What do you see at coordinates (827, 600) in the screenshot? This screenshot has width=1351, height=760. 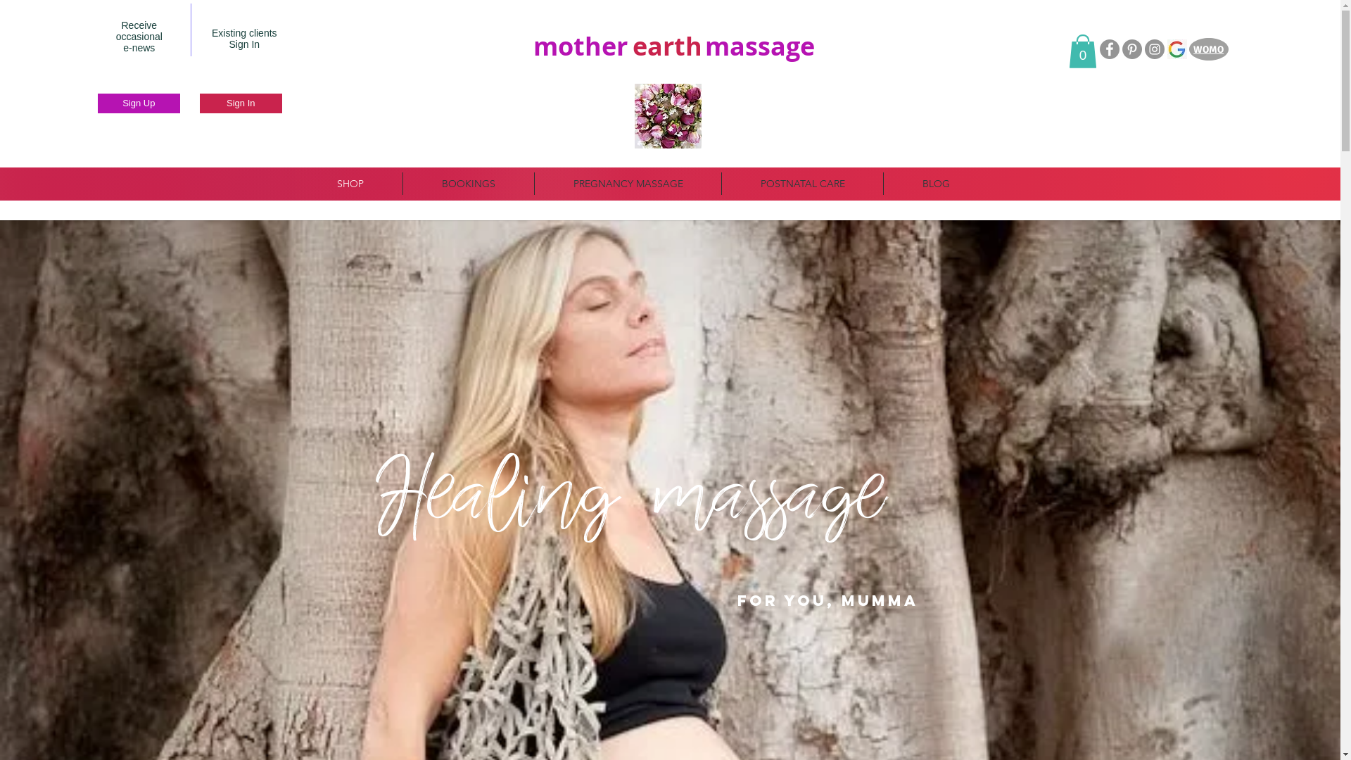 I see `'FOR YOU, MumMA'` at bounding box center [827, 600].